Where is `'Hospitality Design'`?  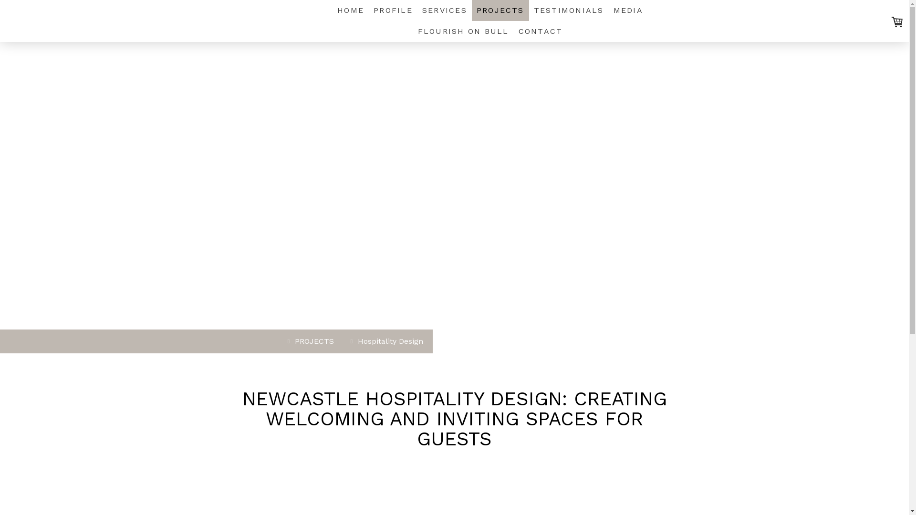 'Hospitality Design' is located at coordinates (388, 341).